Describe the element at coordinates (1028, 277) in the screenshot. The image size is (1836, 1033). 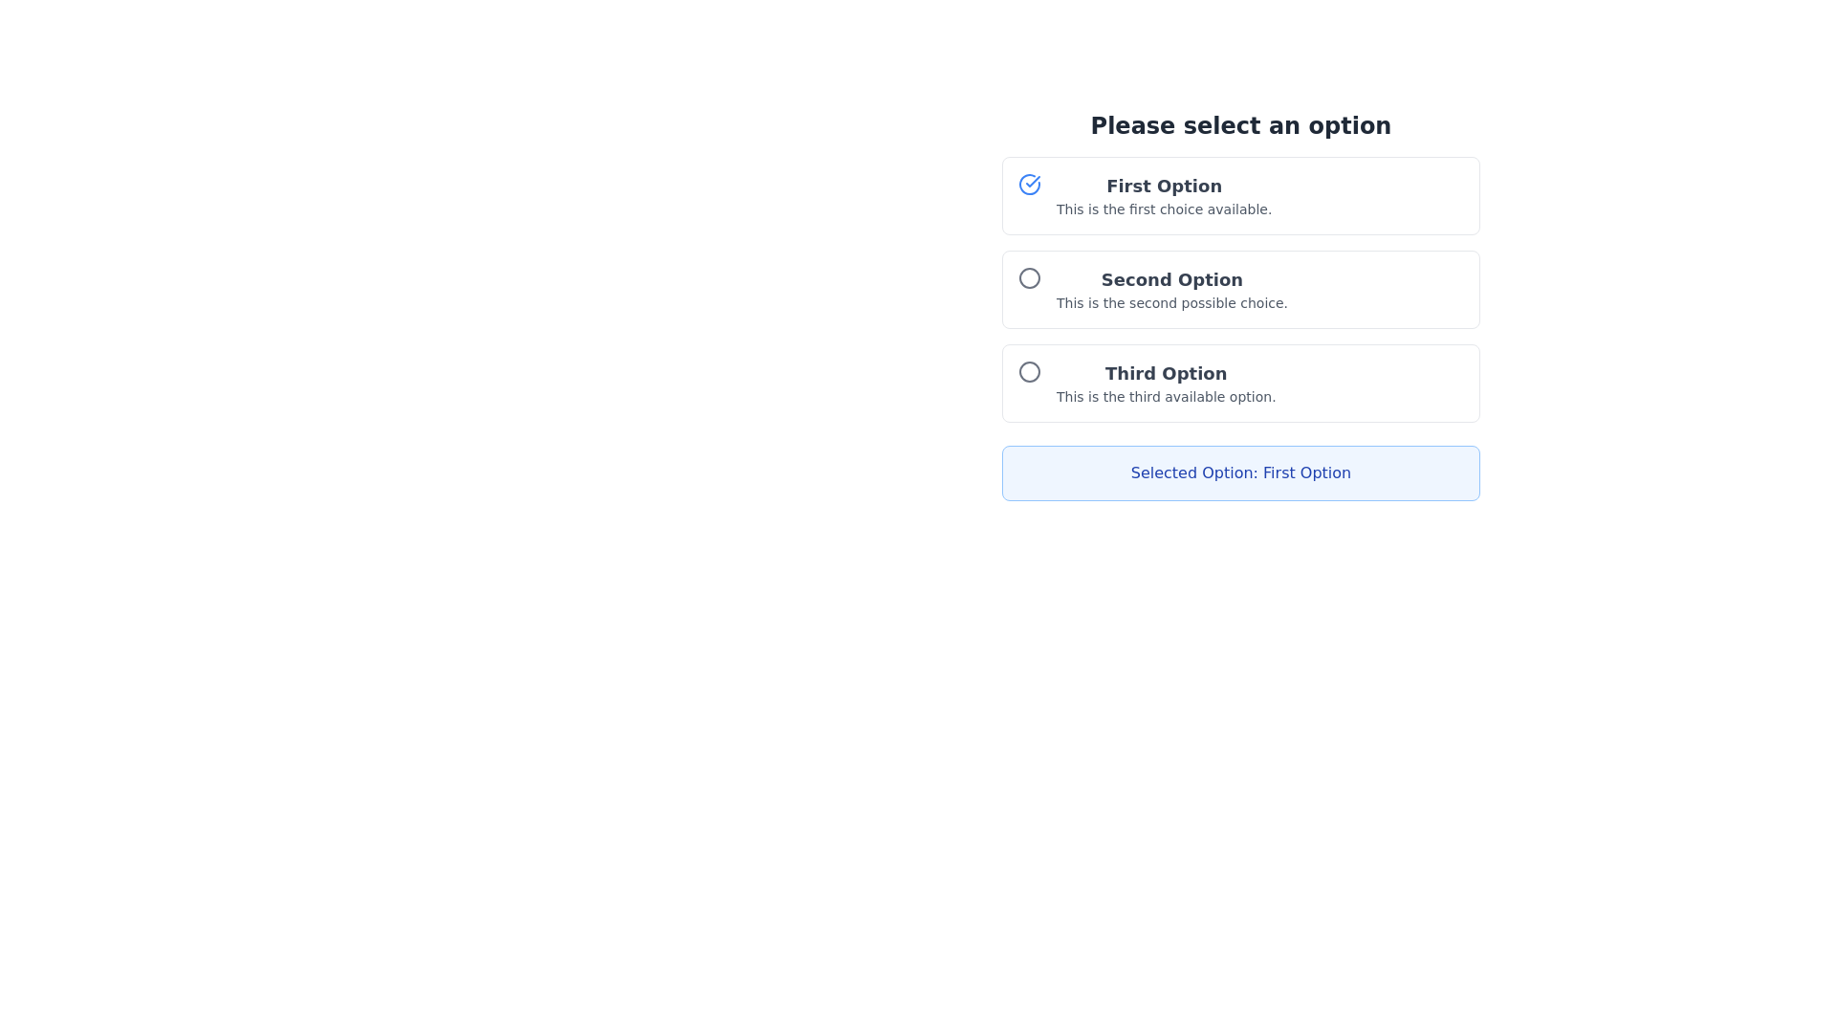
I see `the unselected 'Second Option' radio button` at that location.